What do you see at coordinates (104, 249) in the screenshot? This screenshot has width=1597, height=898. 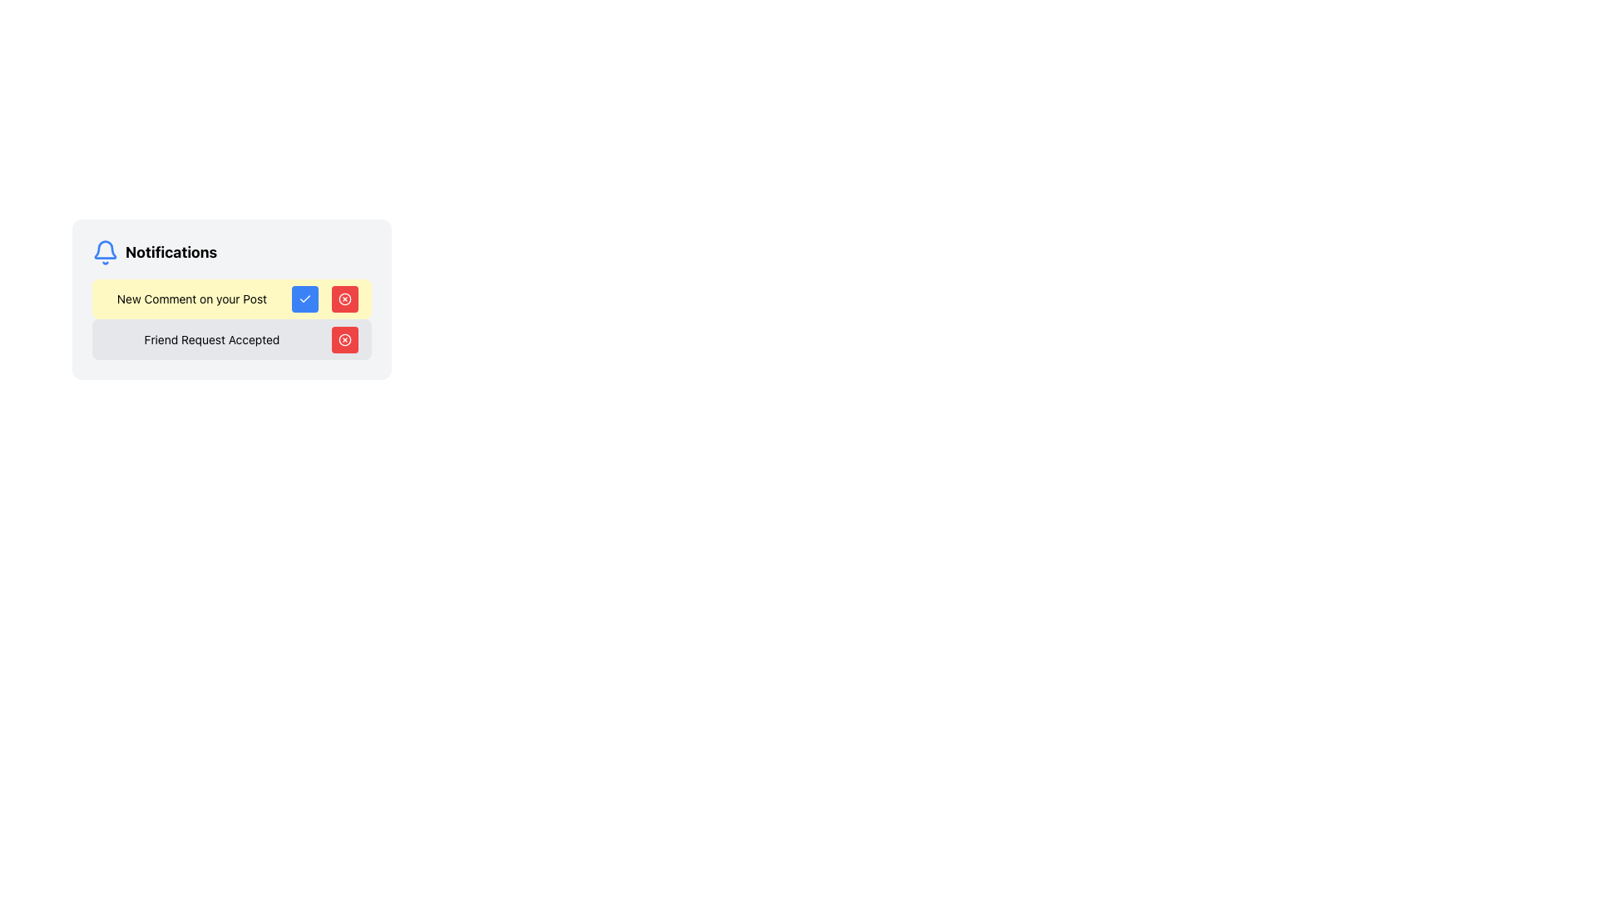 I see `the bell-shaped notification icon with a blue outline located at the top-left corner of the notification section, to the left of the title 'Notifications'` at bounding box center [104, 249].